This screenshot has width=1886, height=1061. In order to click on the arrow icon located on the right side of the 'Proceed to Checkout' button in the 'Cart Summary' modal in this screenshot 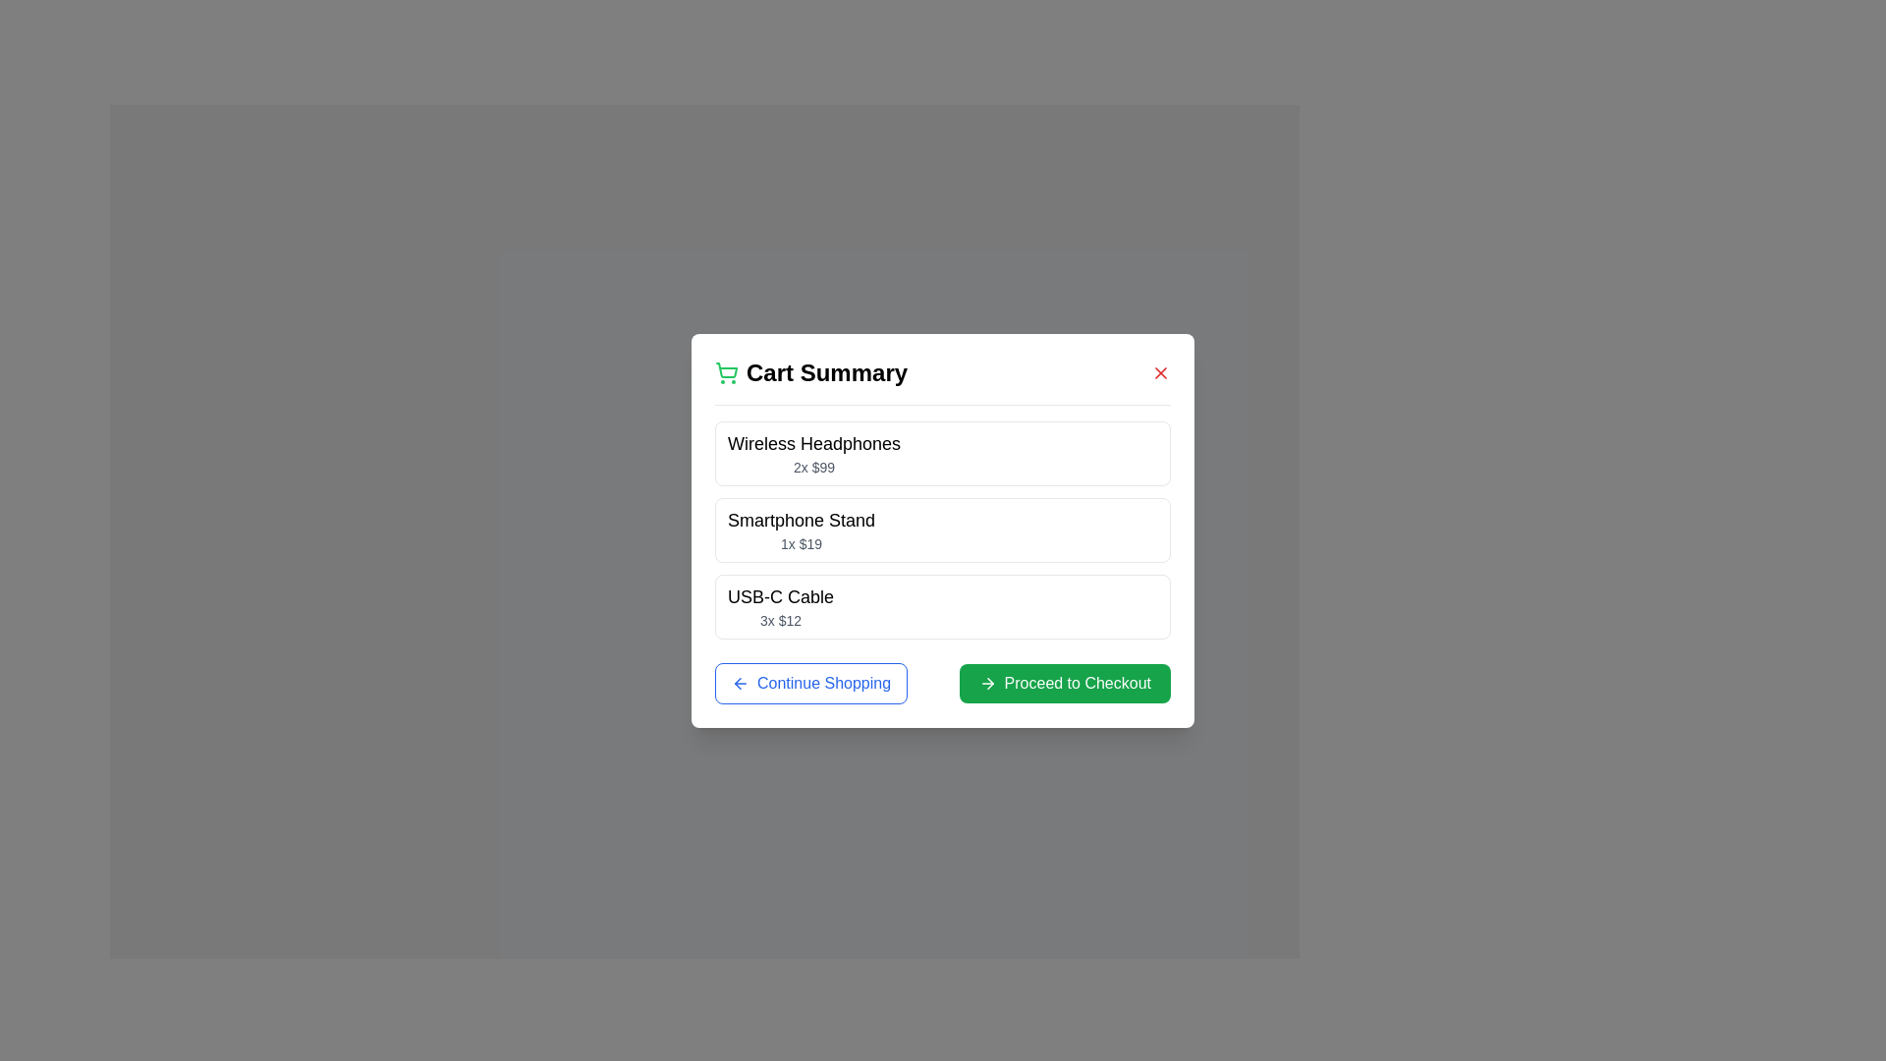, I will do `click(987, 682)`.